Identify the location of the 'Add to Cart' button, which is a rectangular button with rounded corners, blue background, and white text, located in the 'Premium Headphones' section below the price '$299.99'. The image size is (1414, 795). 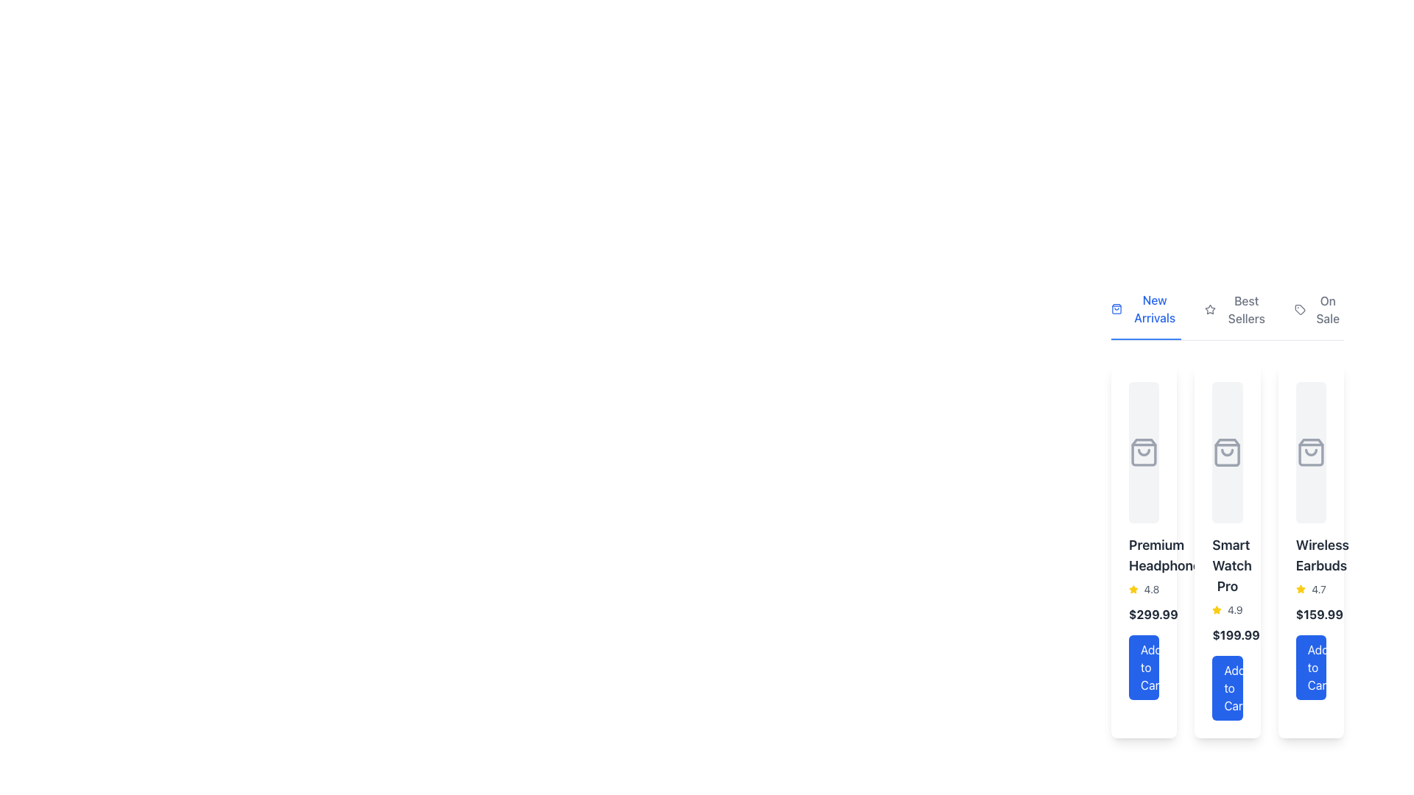
(1143, 667).